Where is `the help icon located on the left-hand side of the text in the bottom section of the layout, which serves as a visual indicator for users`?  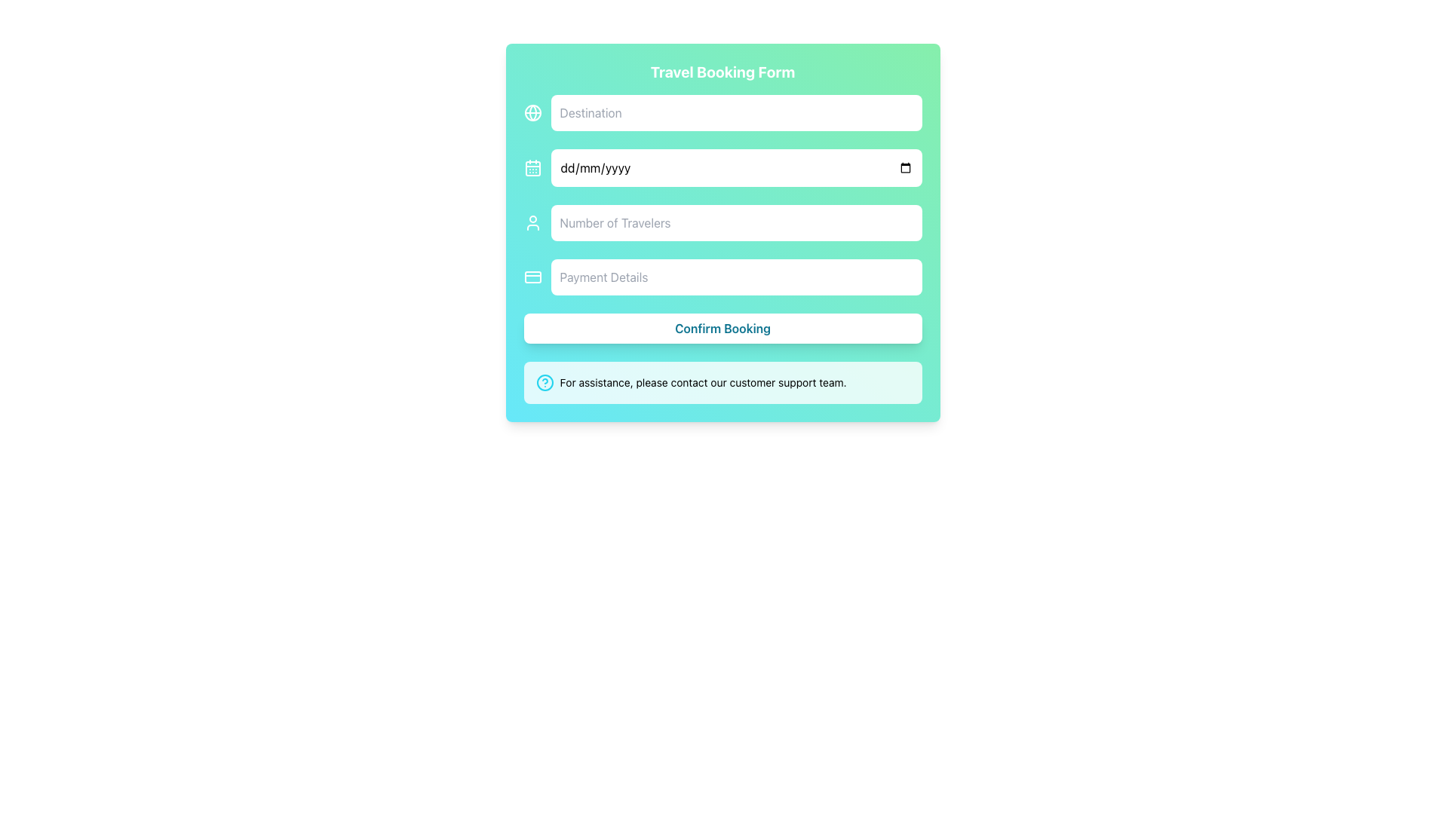
the help icon located on the left-hand side of the text in the bottom section of the layout, which serves as a visual indicator for users is located at coordinates (544, 382).